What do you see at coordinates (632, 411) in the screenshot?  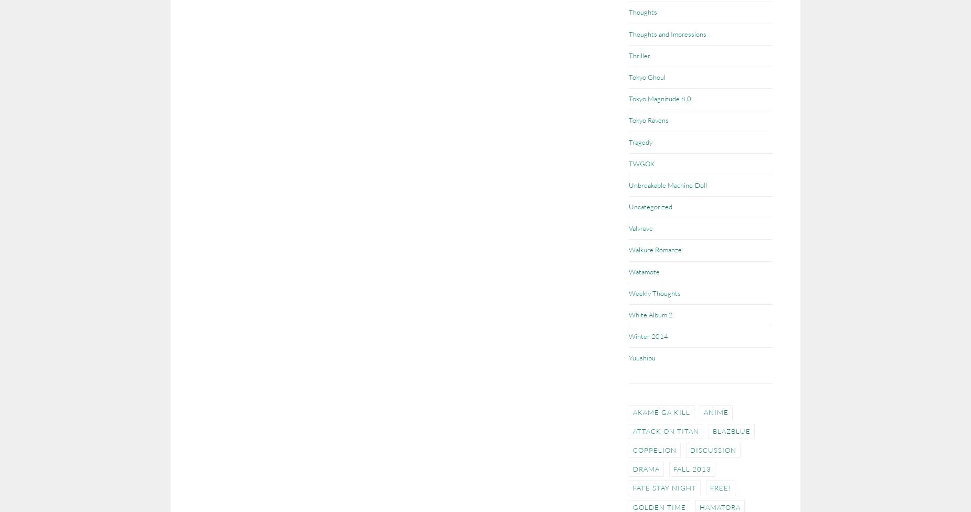 I see `'Akame ga Kill'` at bounding box center [632, 411].